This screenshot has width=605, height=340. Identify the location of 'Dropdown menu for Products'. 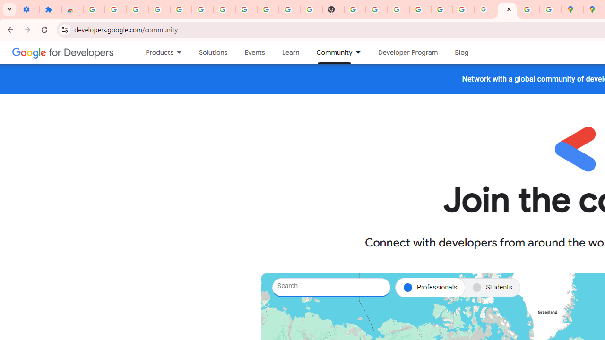
(182, 52).